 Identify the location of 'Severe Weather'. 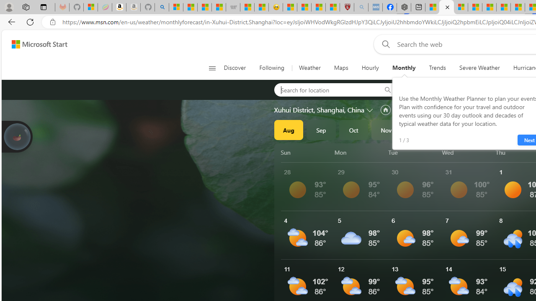
(479, 68).